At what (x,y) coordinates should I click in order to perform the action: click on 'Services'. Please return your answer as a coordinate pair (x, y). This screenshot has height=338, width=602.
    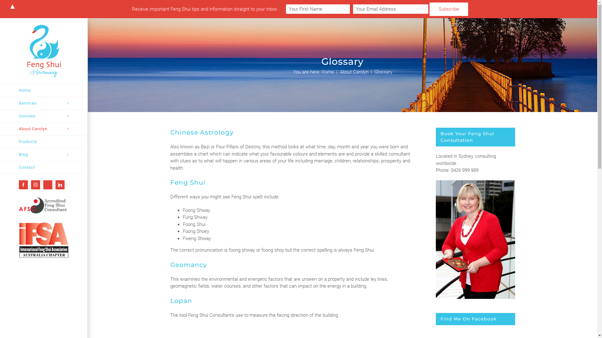
    Looking at the image, I should click on (0, 103).